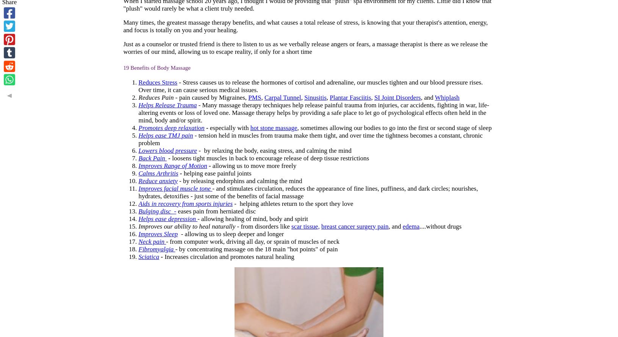  Describe the element at coordinates (305, 47) in the screenshot. I see `'Just as a counselor or trusted friend is there to listen to us as we verbally release angers or fears, a massage therapist is there as we release the worries of our mind, allowing us to escape reality, if only for a short time'` at that location.